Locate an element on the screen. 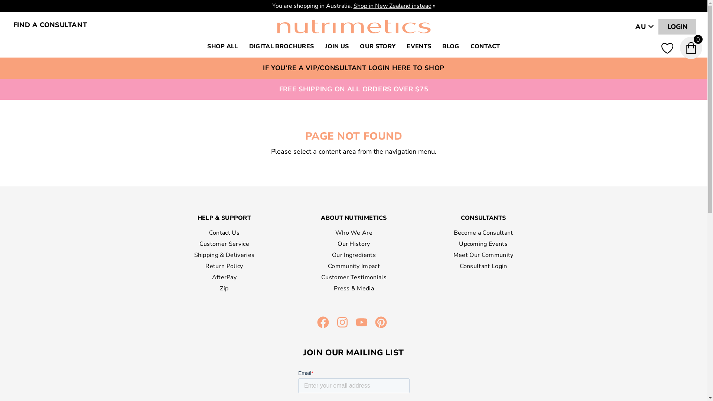  'SHOP ALL' is located at coordinates (222, 46).